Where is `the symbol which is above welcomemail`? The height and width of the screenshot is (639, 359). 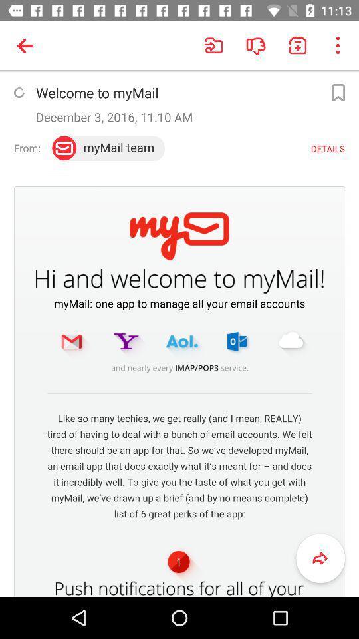
the symbol which is above welcomemail is located at coordinates (28, 45).